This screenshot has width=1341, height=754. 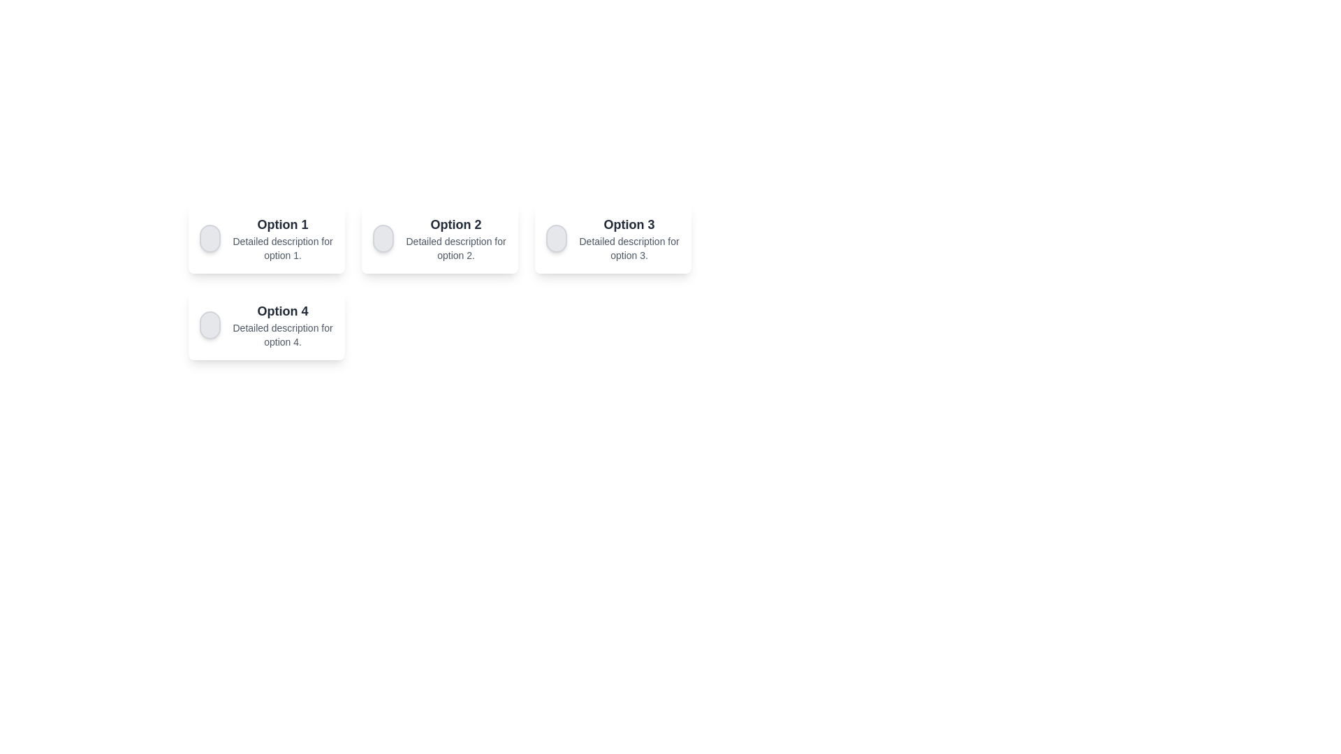 What do you see at coordinates (629, 247) in the screenshot?
I see `the text label that reads 'Detailed description for option 3.', which is located directly below the bold title text 'Option 3'` at bounding box center [629, 247].